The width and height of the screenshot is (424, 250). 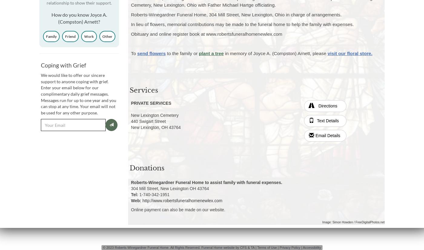 I want to click on 'Terms of Use', so click(x=257, y=247).